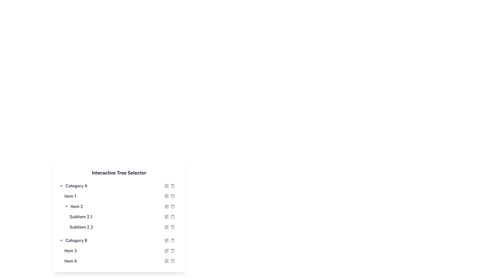 The image size is (495, 278). Describe the element at coordinates (167, 226) in the screenshot. I see `the edit icon button located in the lower right-hand side of the nested list item labeled 'Subitem 2.2'` at that location.